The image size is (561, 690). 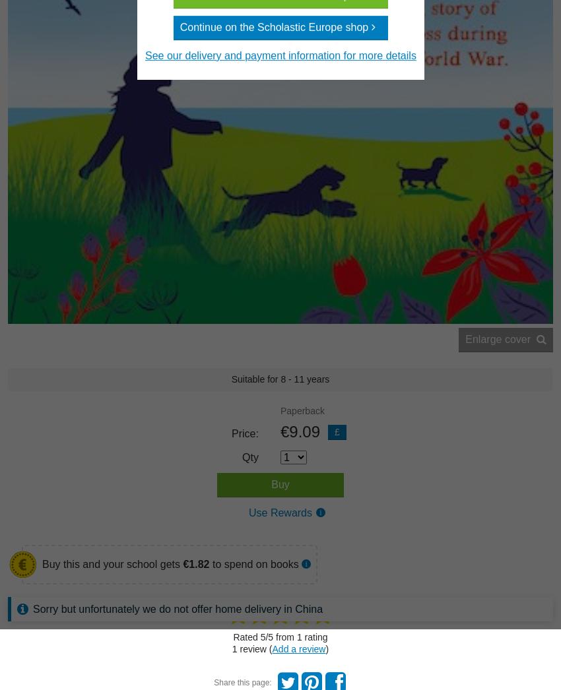 I want to click on '9.09', so click(x=304, y=431).